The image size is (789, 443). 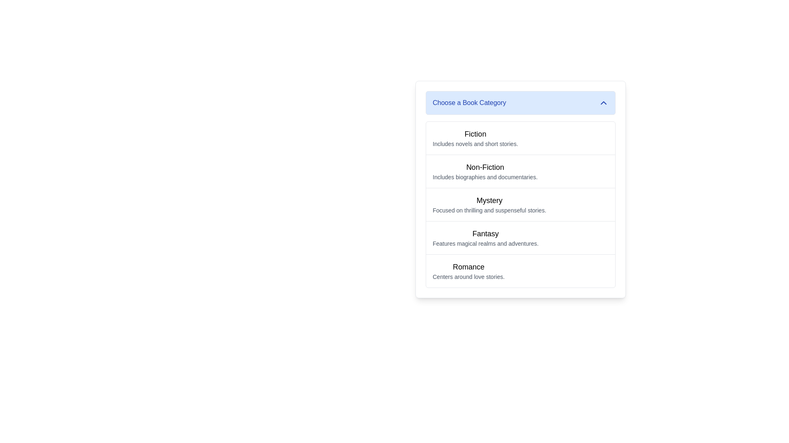 What do you see at coordinates (489, 201) in the screenshot?
I see `the 'Mystery' category text label, which serves as a header for the category and is positioned centrally above the descriptive text` at bounding box center [489, 201].